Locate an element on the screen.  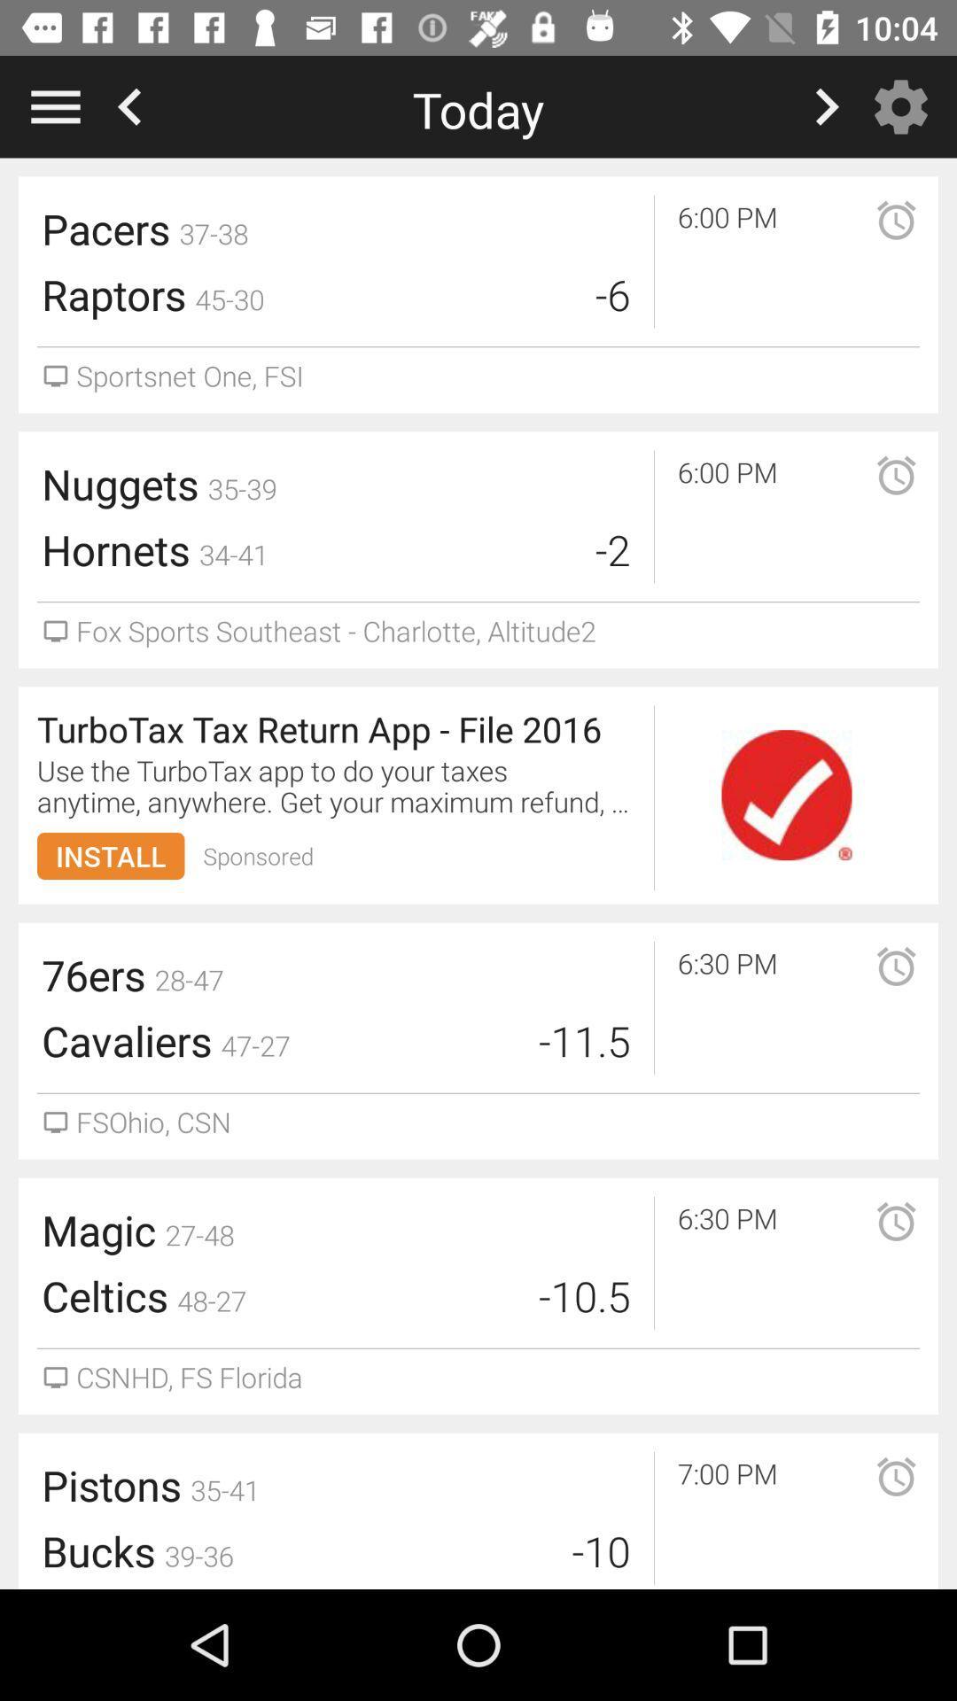
item to the right of today item is located at coordinates (906, 105).